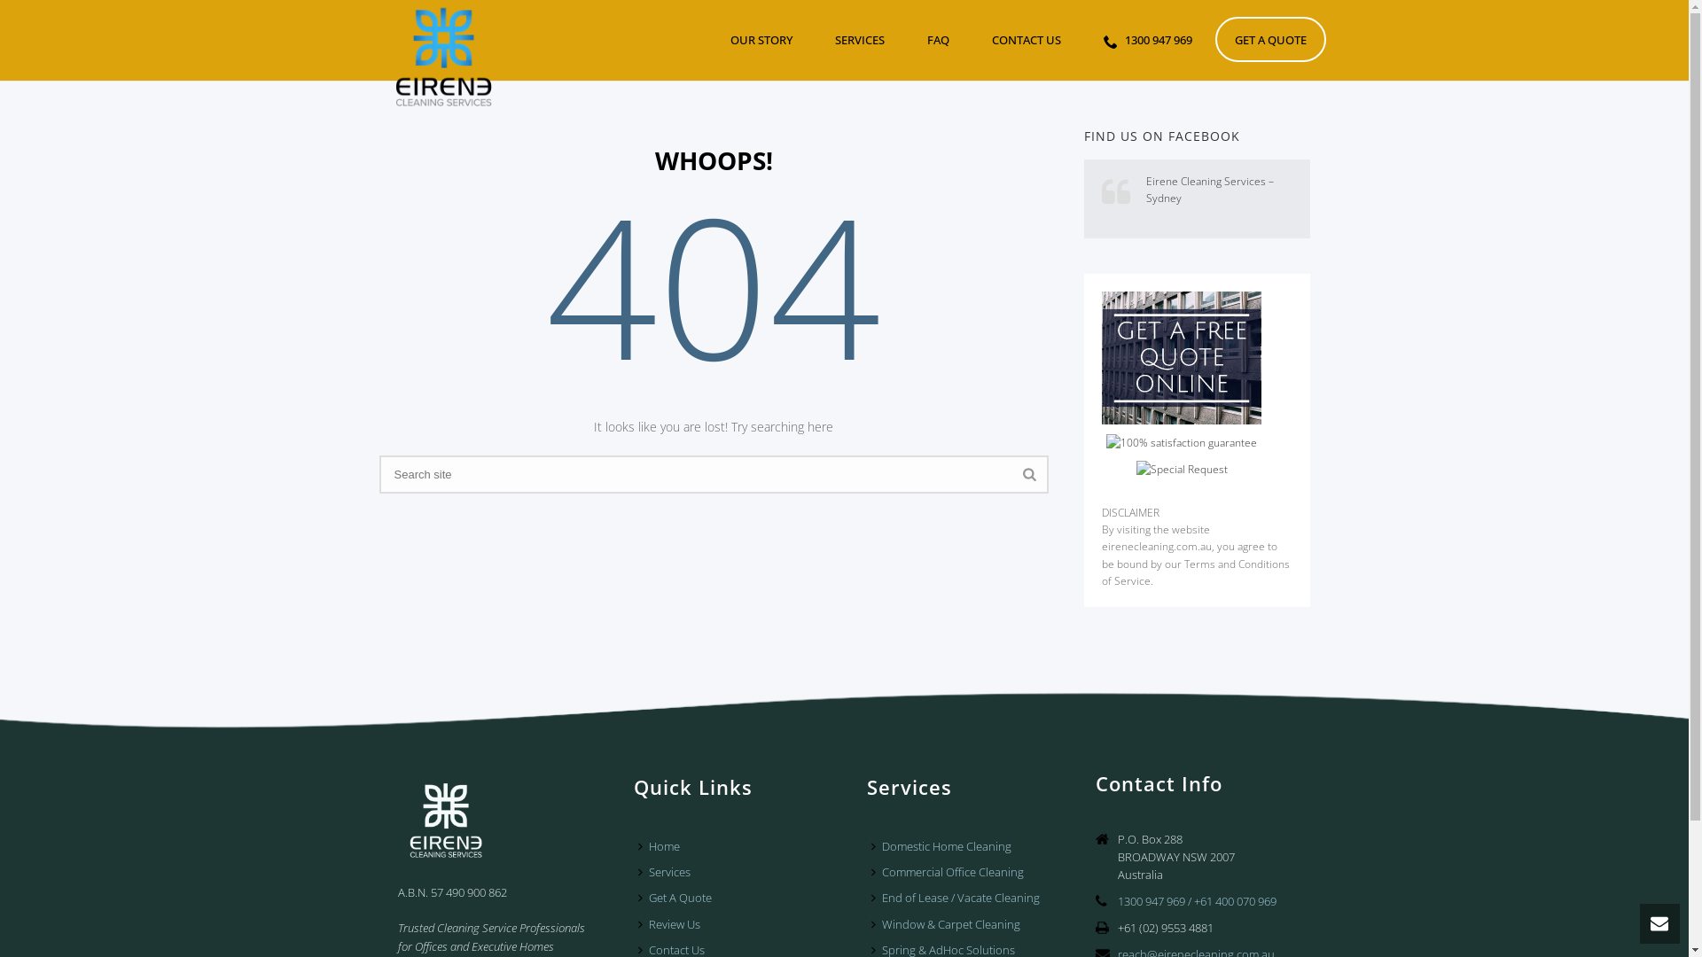  I want to click on '1300 947 969', so click(1147, 39).